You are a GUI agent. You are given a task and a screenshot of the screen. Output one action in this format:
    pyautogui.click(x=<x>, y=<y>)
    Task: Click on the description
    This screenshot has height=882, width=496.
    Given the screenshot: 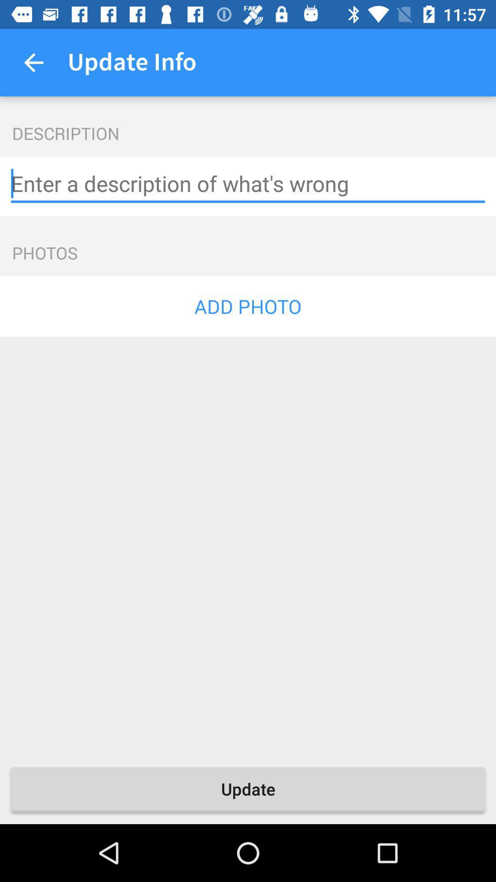 What is the action you would take?
    pyautogui.click(x=248, y=184)
    